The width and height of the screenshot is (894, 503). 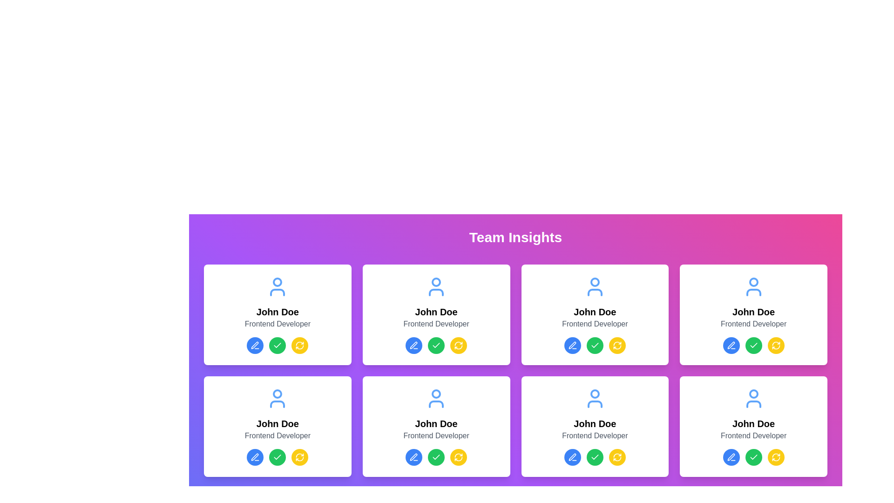 What do you see at coordinates (300, 457) in the screenshot?
I see `the circular yellow refresh button located in the bottom row of the card, which features an icon of two arrows in a circular motion` at bounding box center [300, 457].